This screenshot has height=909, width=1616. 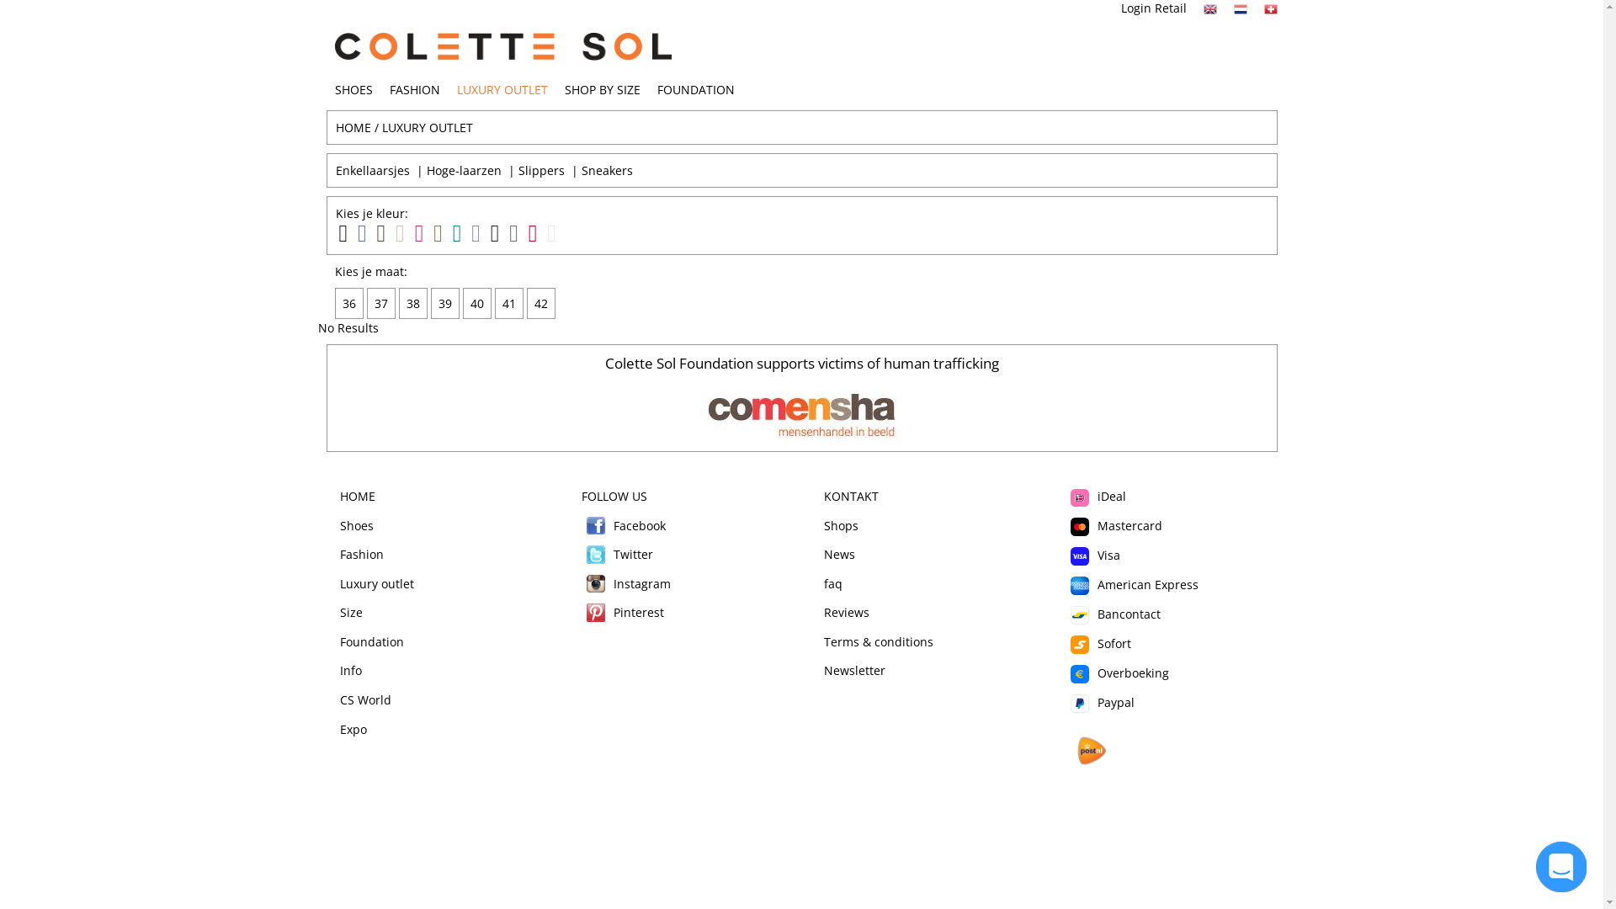 I want to click on 'CS World', so click(x=364, y=699).